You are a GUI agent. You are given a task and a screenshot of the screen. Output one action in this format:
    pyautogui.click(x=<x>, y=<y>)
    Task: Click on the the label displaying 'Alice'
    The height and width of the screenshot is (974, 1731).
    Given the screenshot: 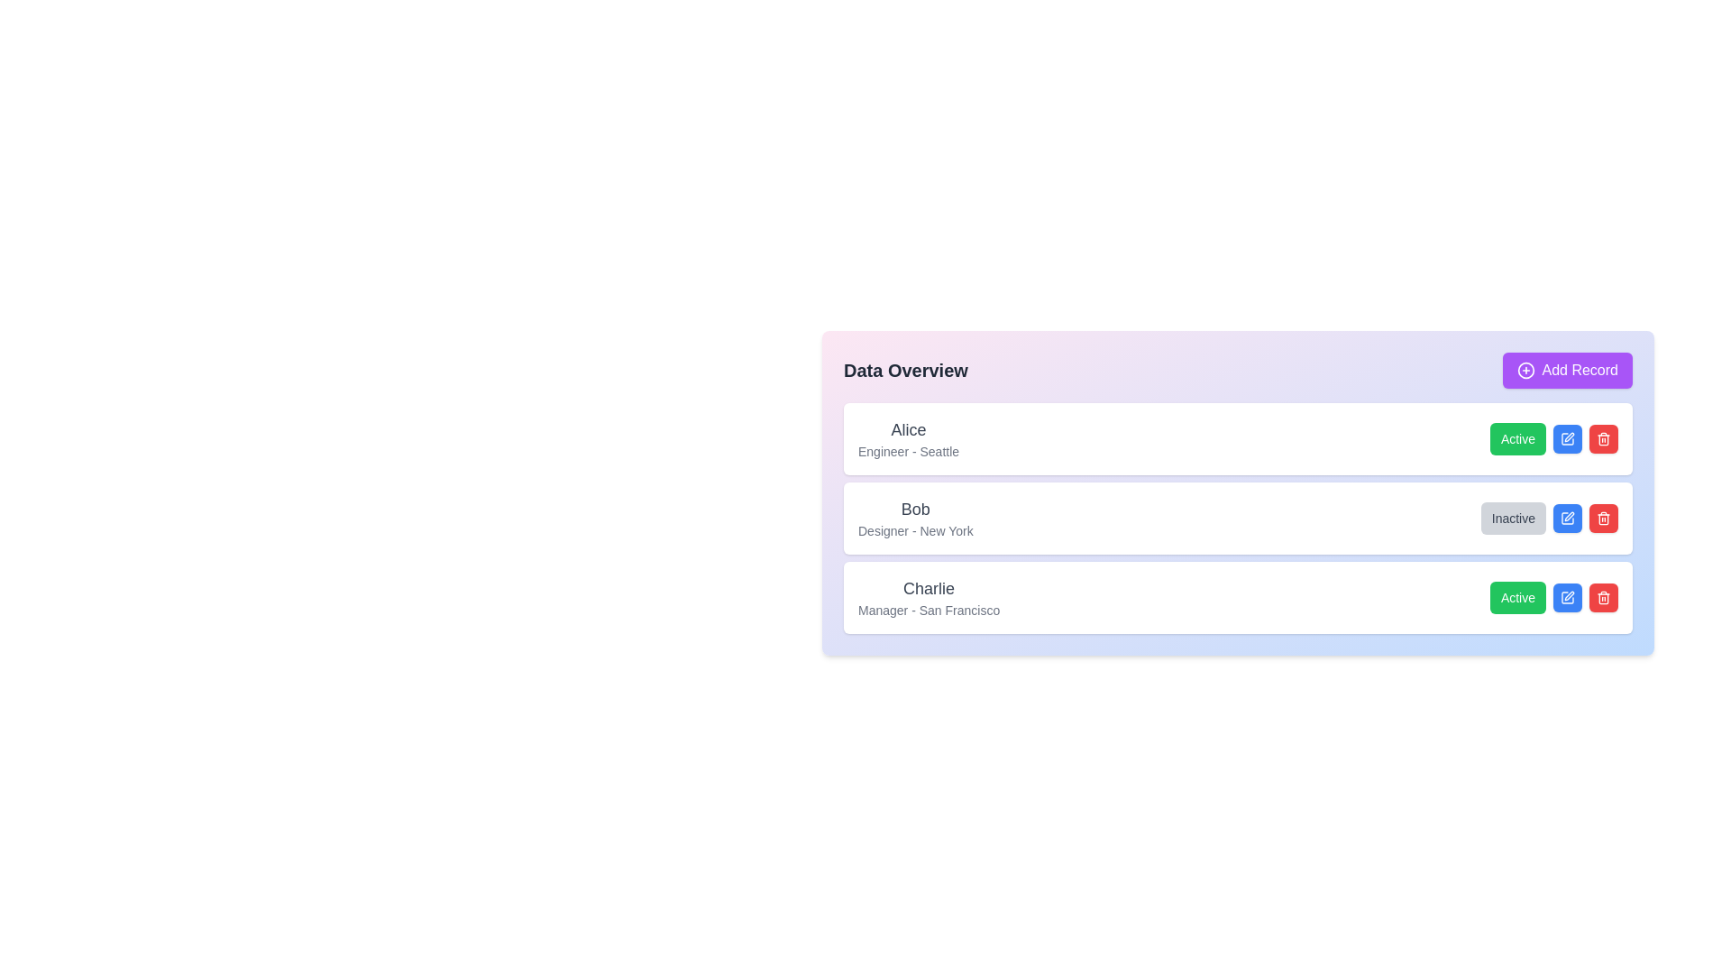 What is the action you would take?
    pyautogui.click(x=909, y=430)
    